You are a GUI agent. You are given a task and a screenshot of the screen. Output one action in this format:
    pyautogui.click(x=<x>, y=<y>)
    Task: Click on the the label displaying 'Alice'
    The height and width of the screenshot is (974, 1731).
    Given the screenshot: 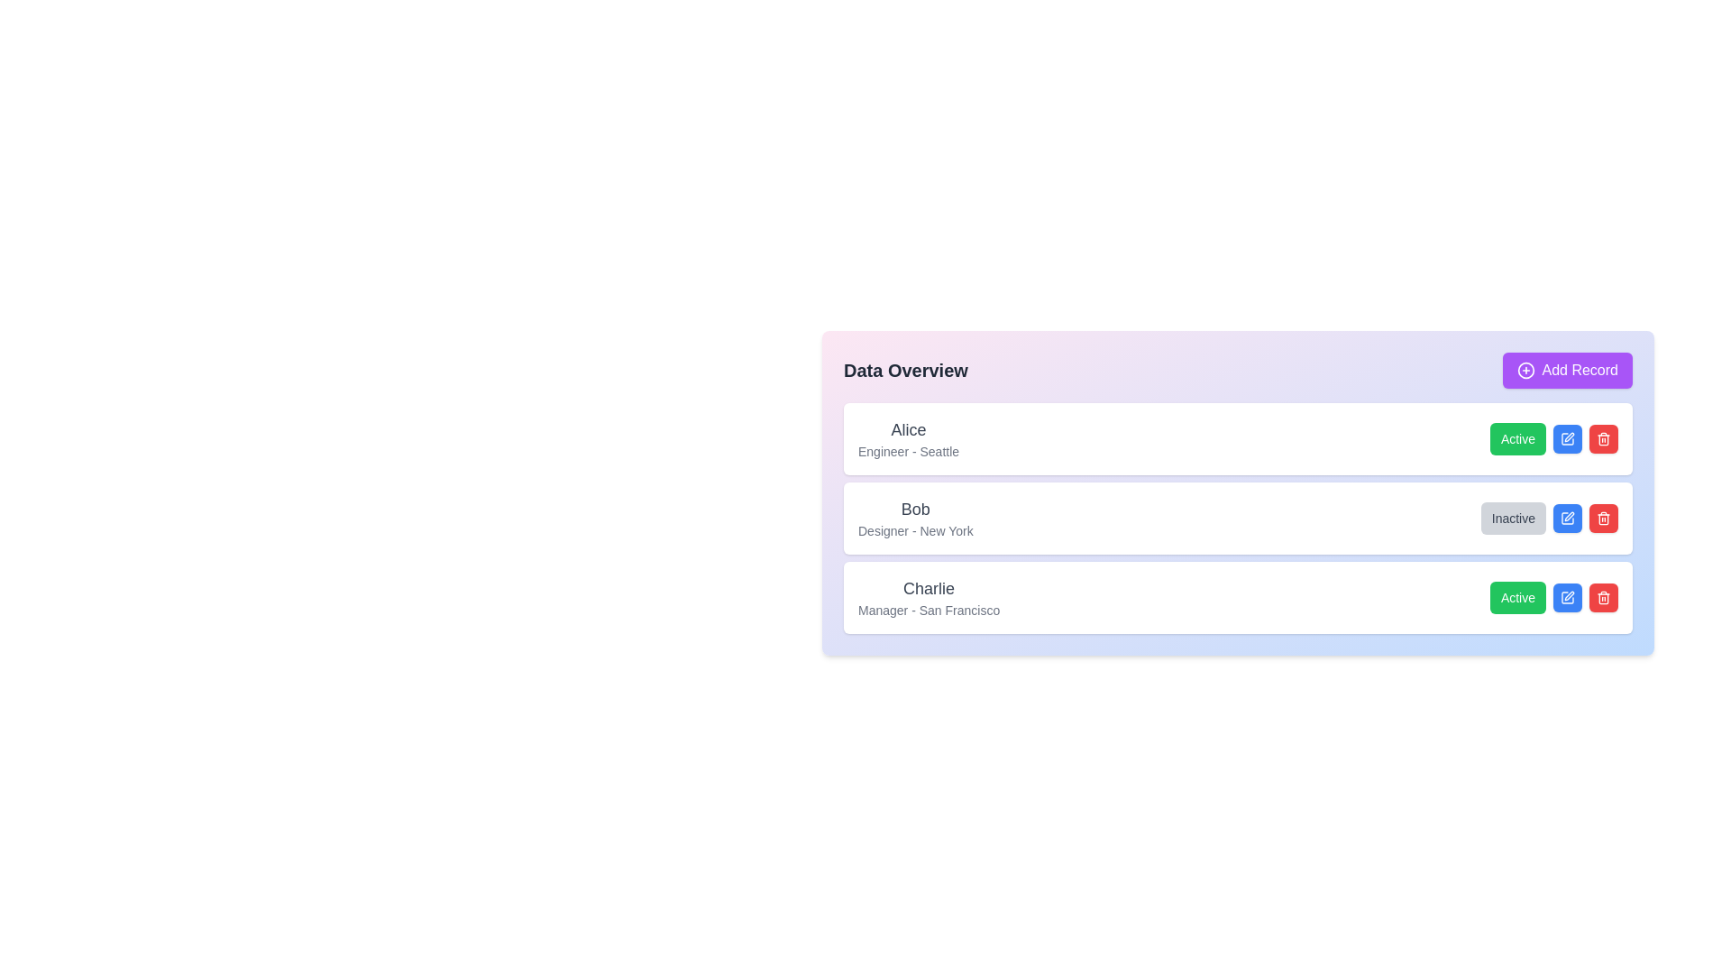 What is the action you would take?
    pyautogui.click(x=909, y=430)
    